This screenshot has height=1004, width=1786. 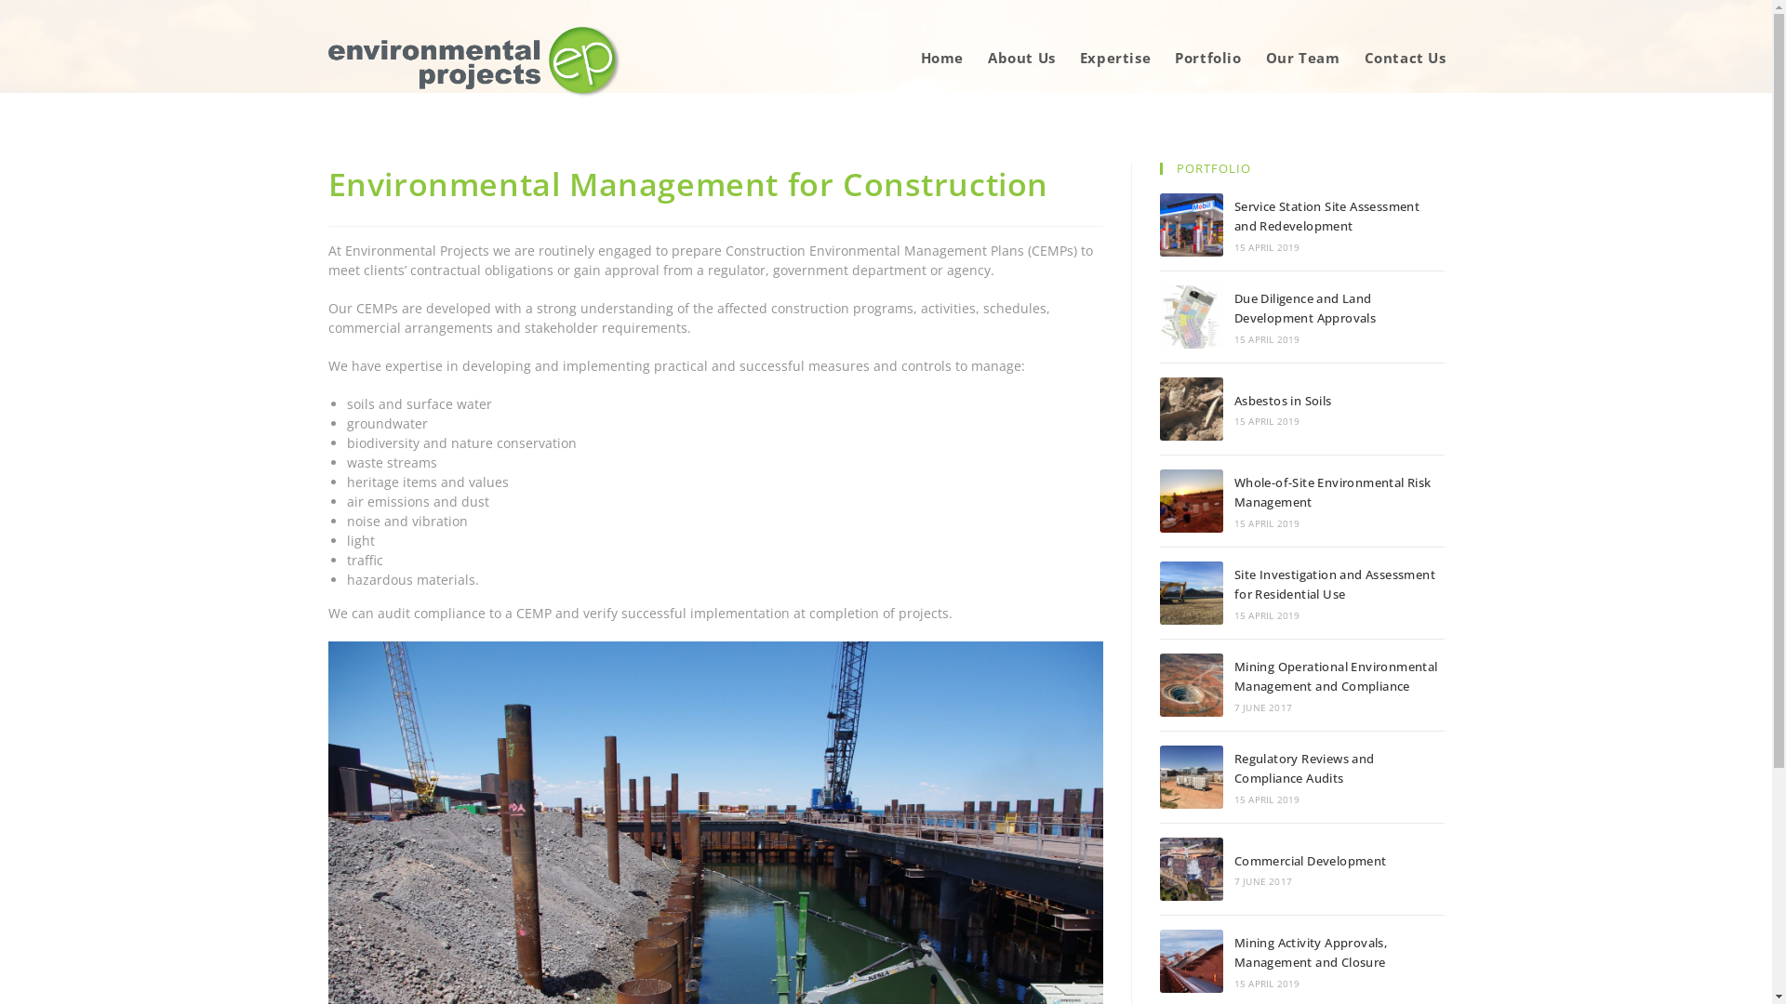 What do you see at coordinates (1406, 57) in the screenshot?
I see `'Contact Us'` at bounding box center [1406, 57].